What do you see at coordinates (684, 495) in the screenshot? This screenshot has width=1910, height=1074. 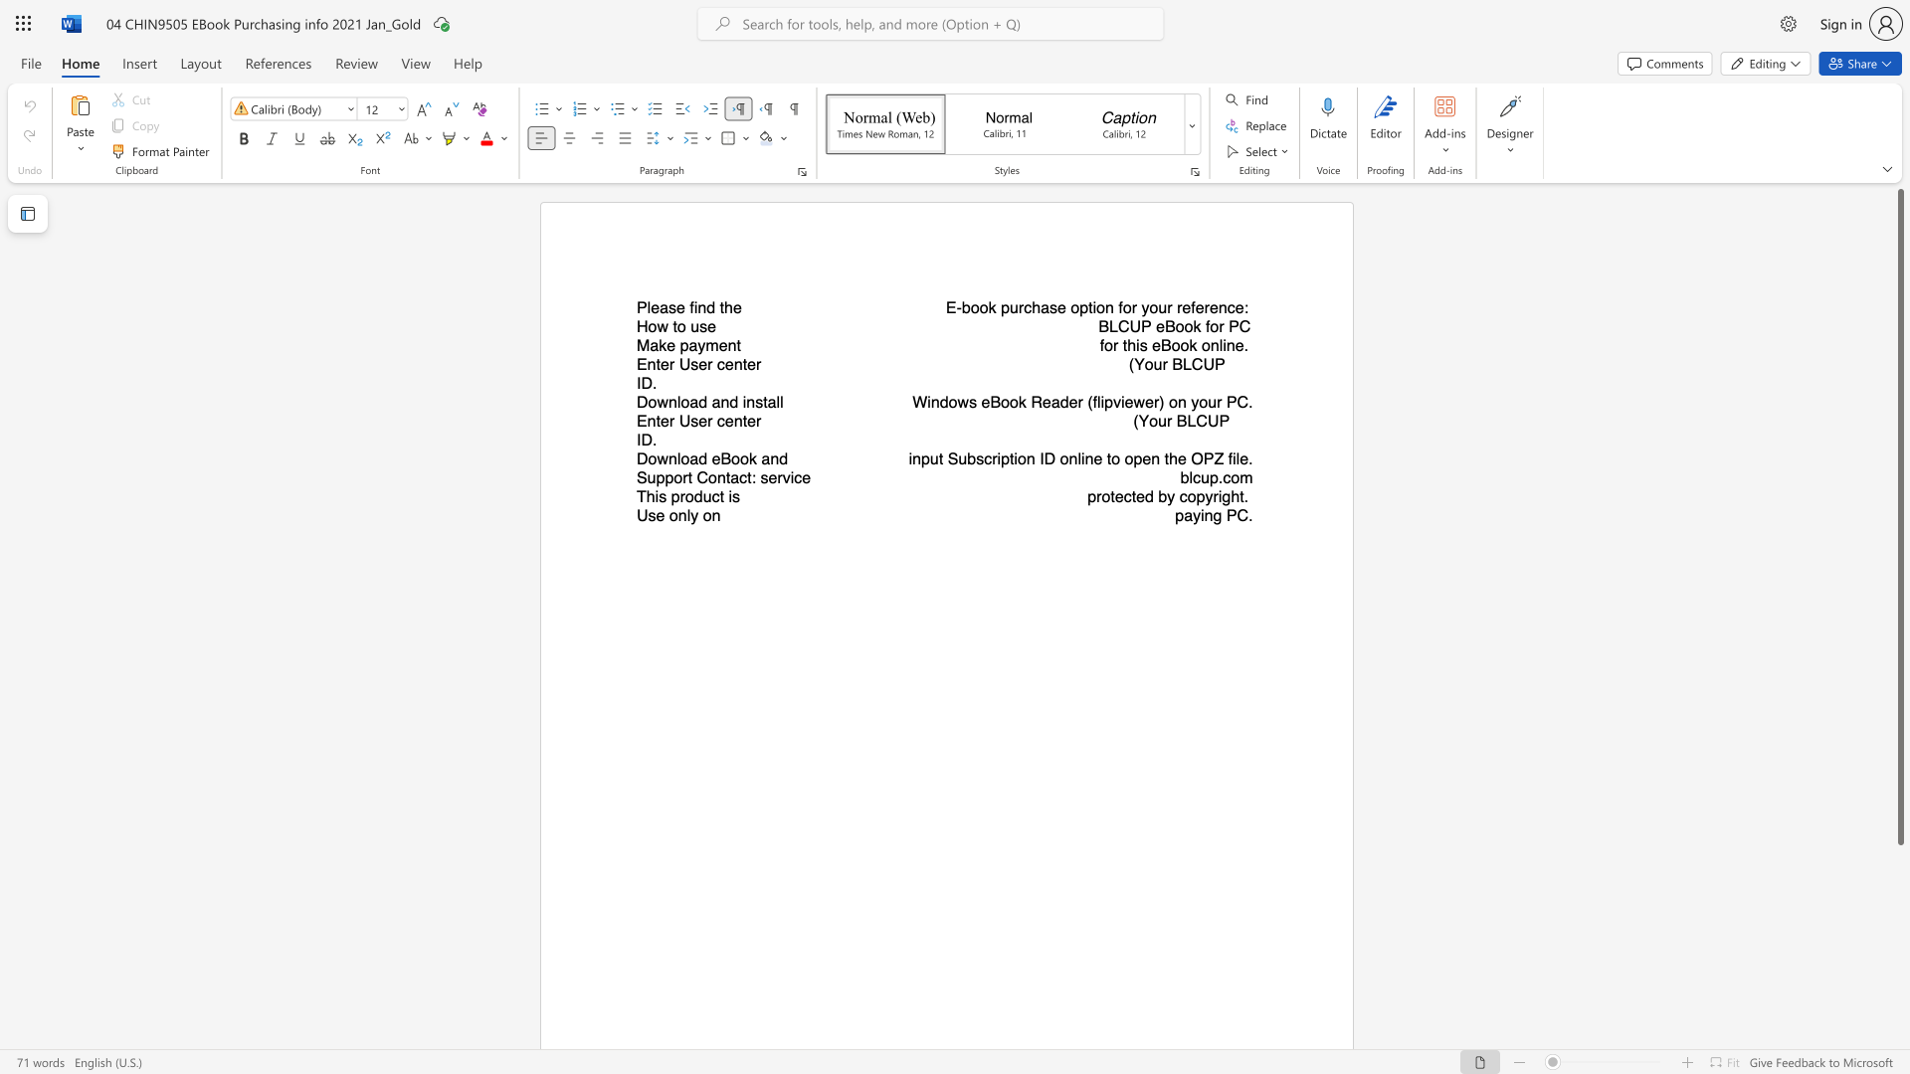 I see `the subset text "oduct i" within the text "This product is"` at bounding box center [684, 495].